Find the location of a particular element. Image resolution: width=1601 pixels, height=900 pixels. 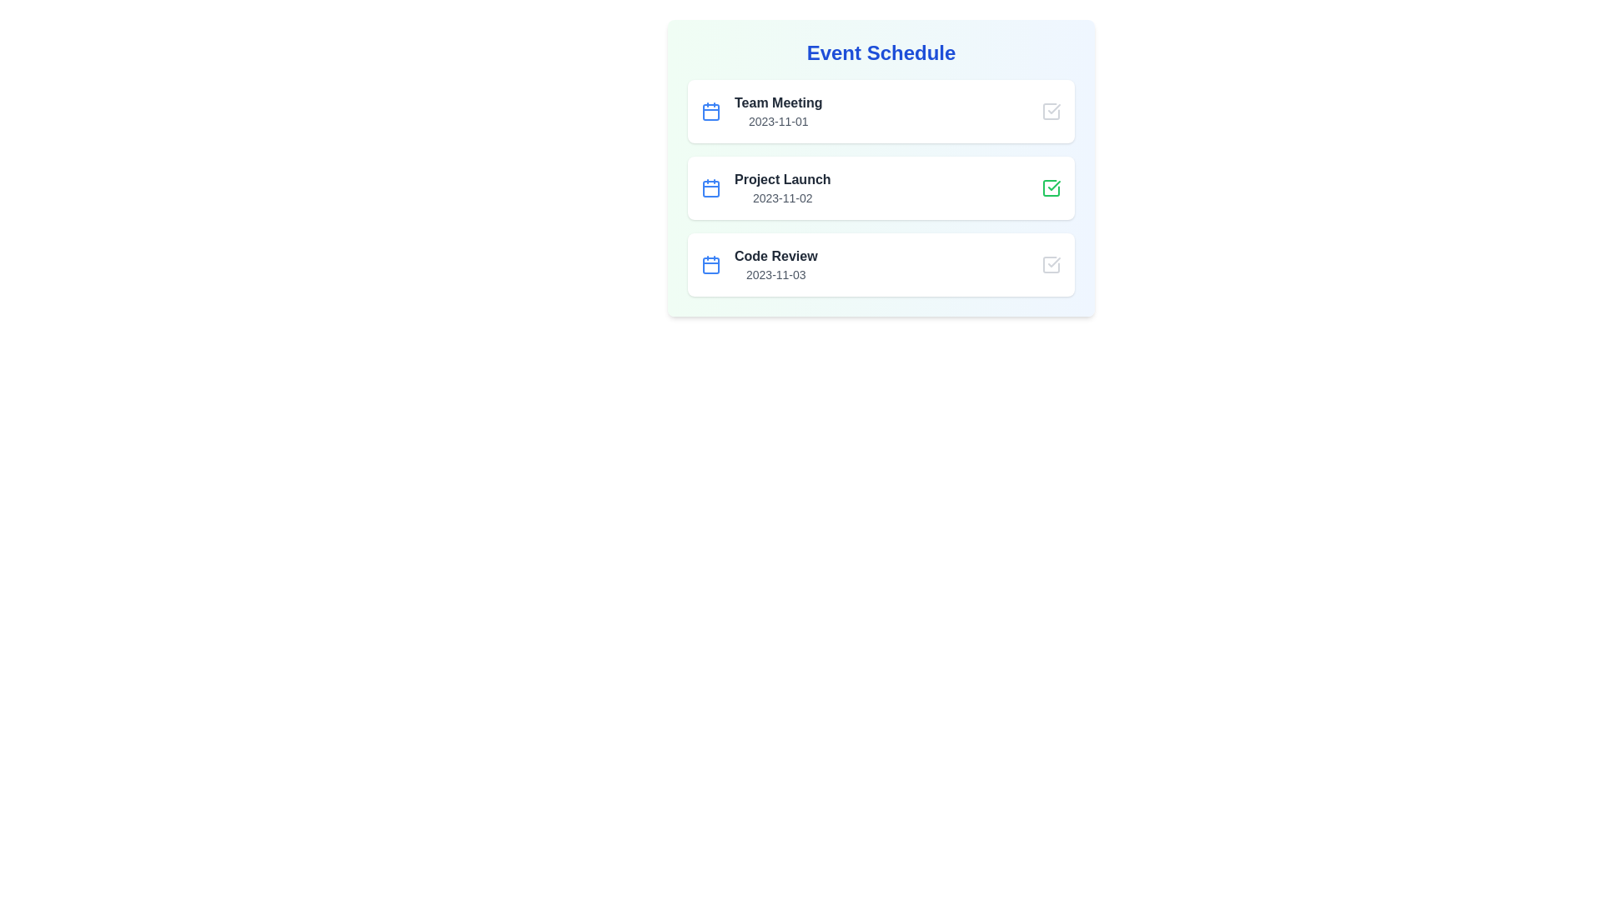

the event item labeled Code Review is located at coordinates (880, 263).